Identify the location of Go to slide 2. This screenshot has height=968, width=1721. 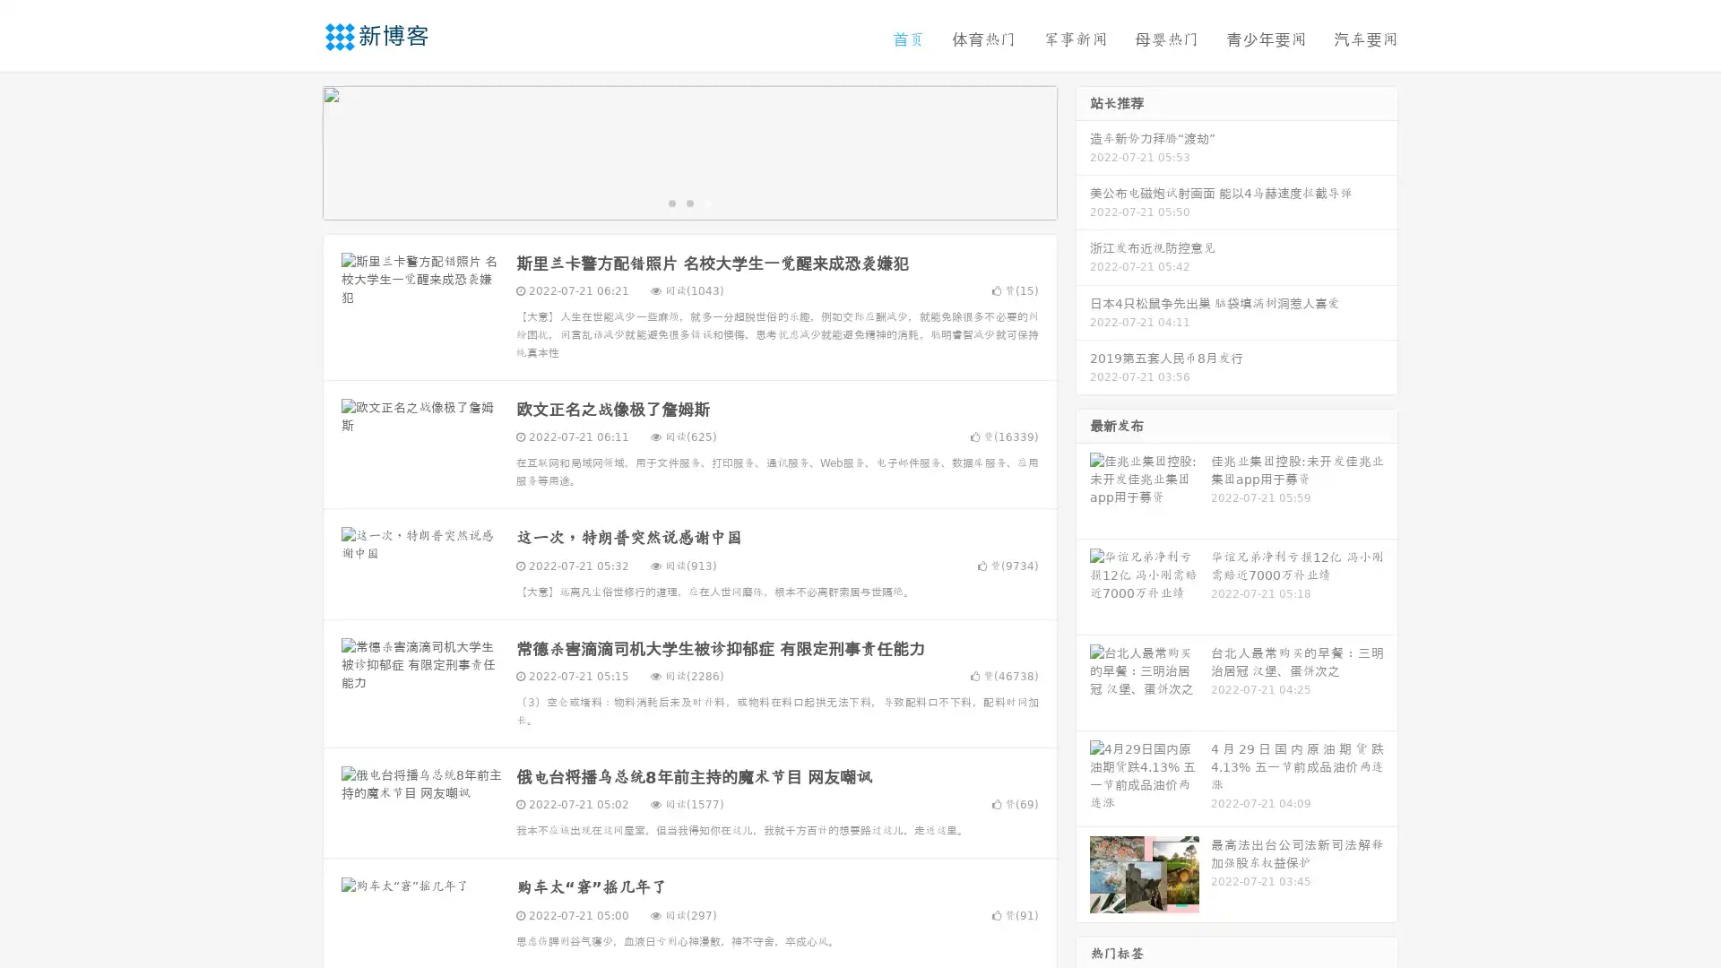
(688, 202).